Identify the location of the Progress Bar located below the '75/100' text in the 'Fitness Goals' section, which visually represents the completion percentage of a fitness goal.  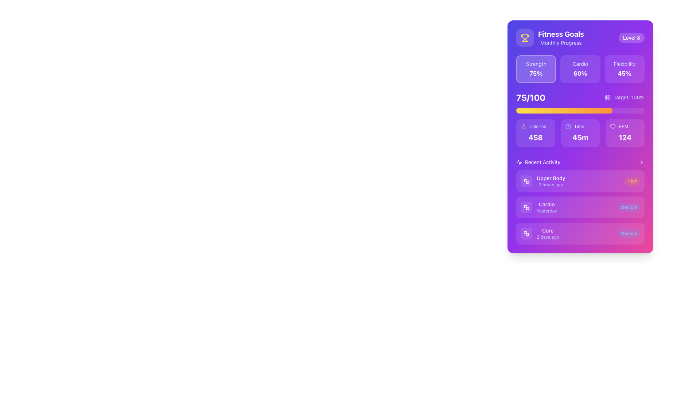
(580, 111).